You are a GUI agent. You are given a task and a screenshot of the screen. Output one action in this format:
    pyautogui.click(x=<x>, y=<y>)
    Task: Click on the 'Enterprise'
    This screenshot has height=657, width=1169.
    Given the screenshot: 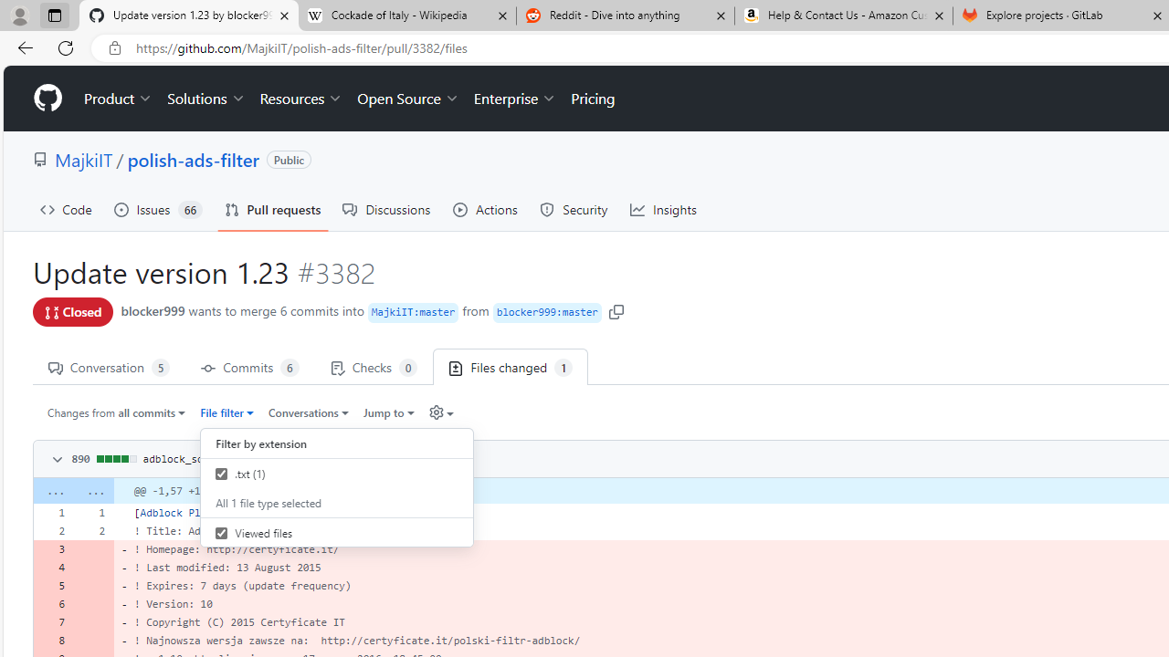 What is the action you would take?
    pyautogui.click(x=513, y=99)
    